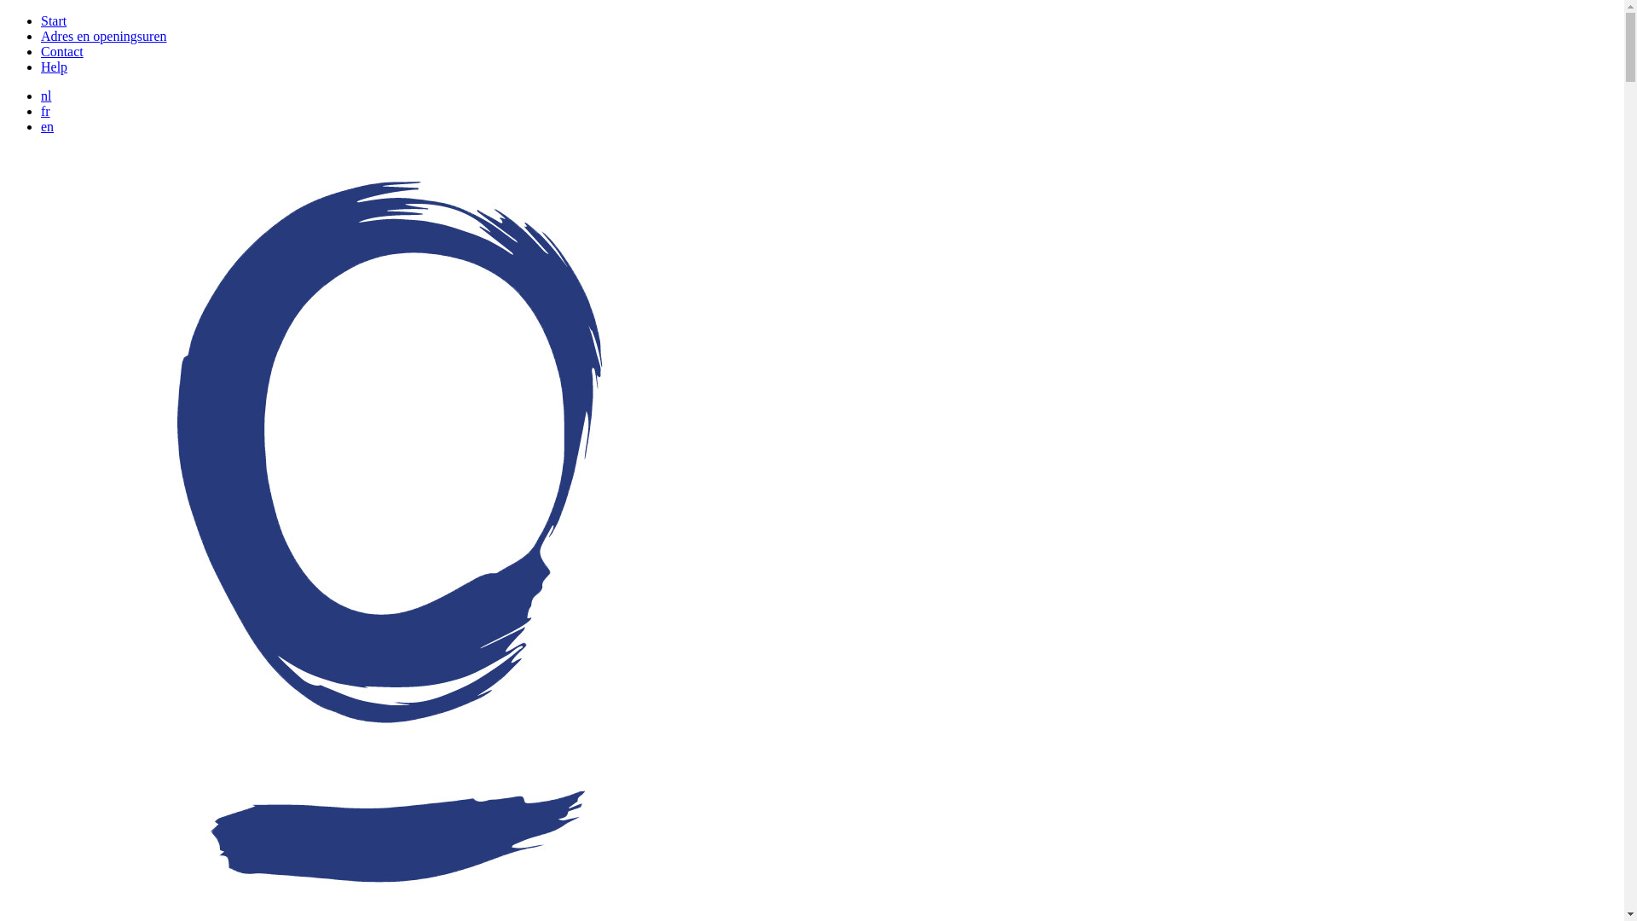  What do you see at coordinates (389, 910) in the screenshot?
I see `'Home'` at bounding box center [389, 910].